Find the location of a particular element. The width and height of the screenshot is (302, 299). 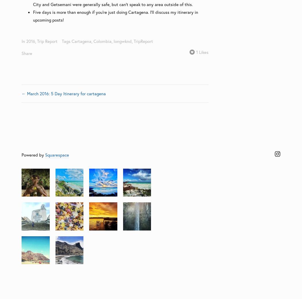

'Share' is located at coordinates (27, 53).